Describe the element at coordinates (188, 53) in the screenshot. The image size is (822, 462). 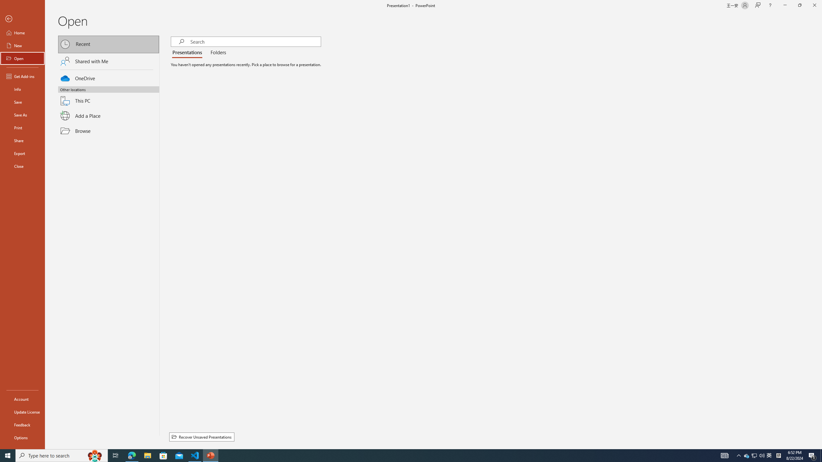
I see `'Presentations'` at that location.